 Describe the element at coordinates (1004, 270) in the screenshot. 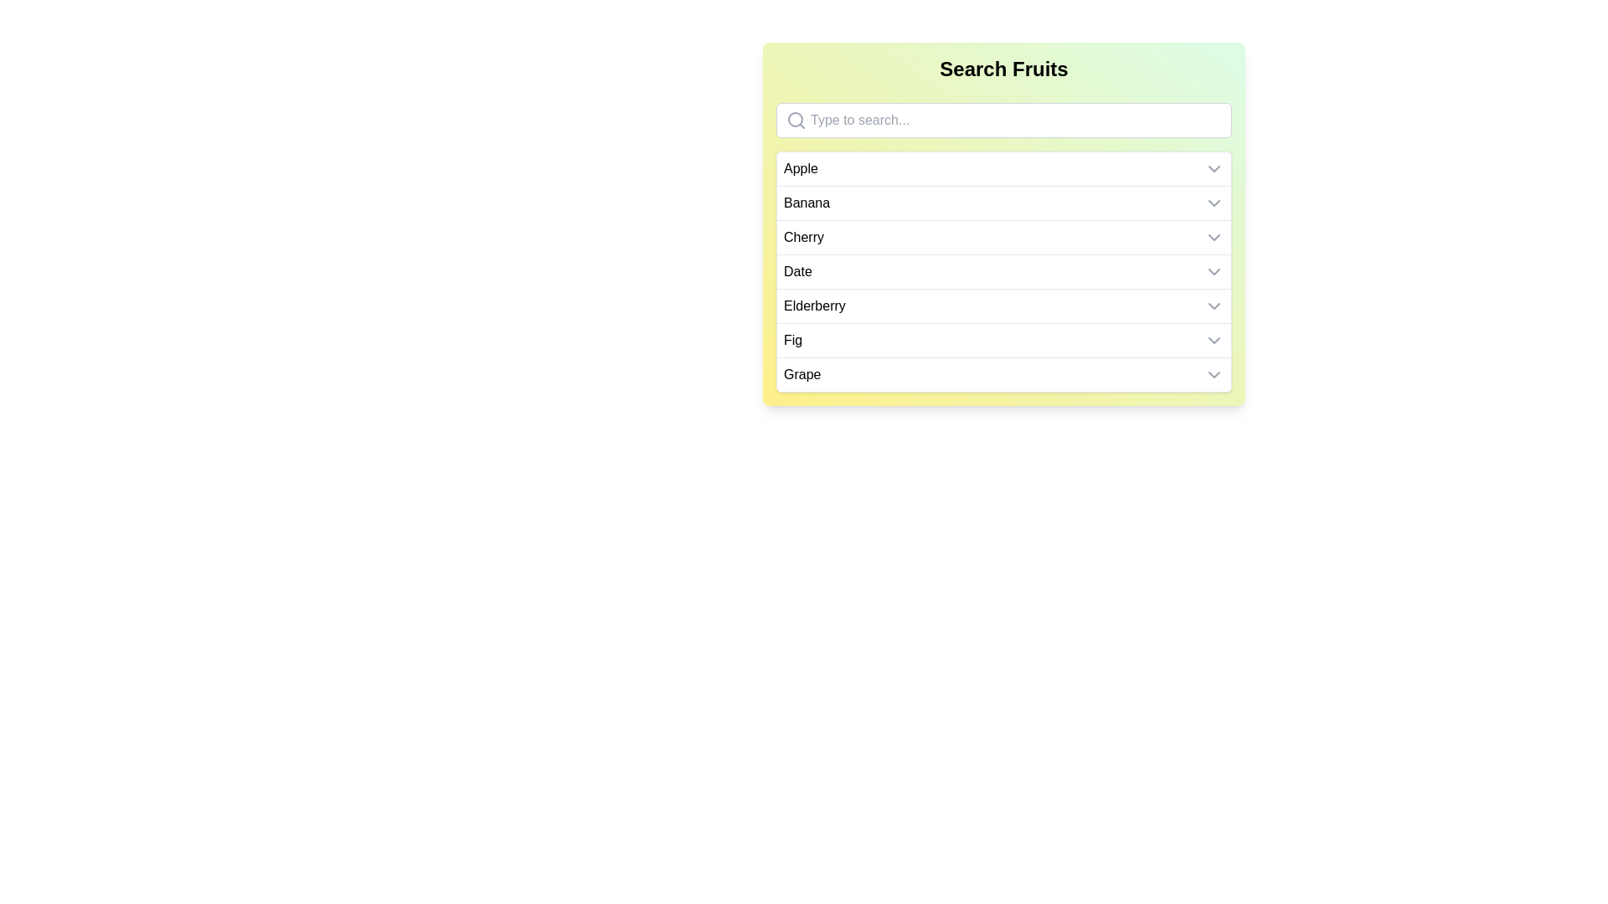

I see `the fourth item in the dropdown list representing the 'Date' choice` at that location.